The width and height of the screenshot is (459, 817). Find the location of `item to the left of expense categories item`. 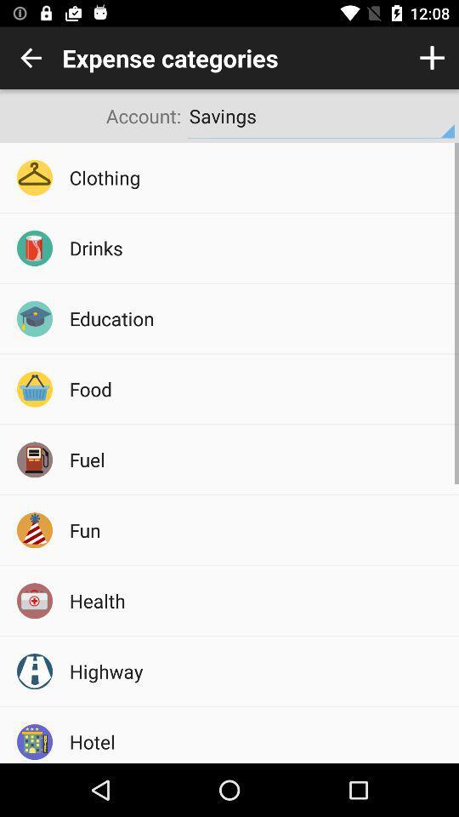

item to the left of expense categories item is located at coordinates (31, 58).